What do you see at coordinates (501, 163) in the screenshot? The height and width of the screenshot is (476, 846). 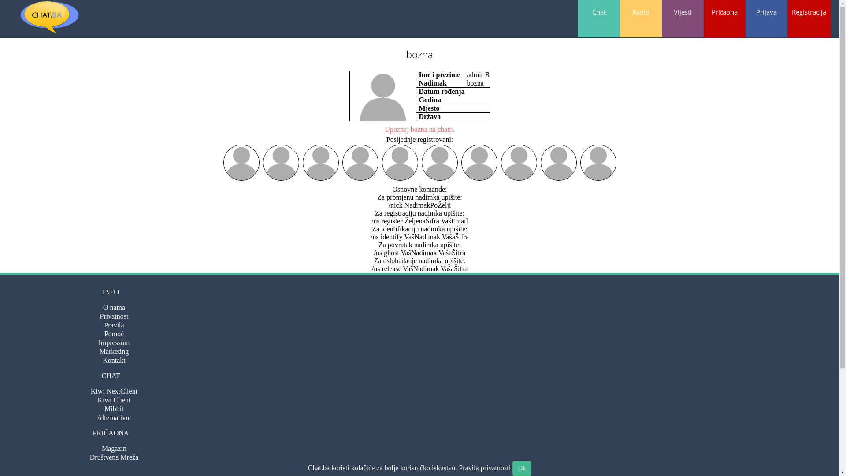 I see `'Kamel'` at bounding box center [501, 163].